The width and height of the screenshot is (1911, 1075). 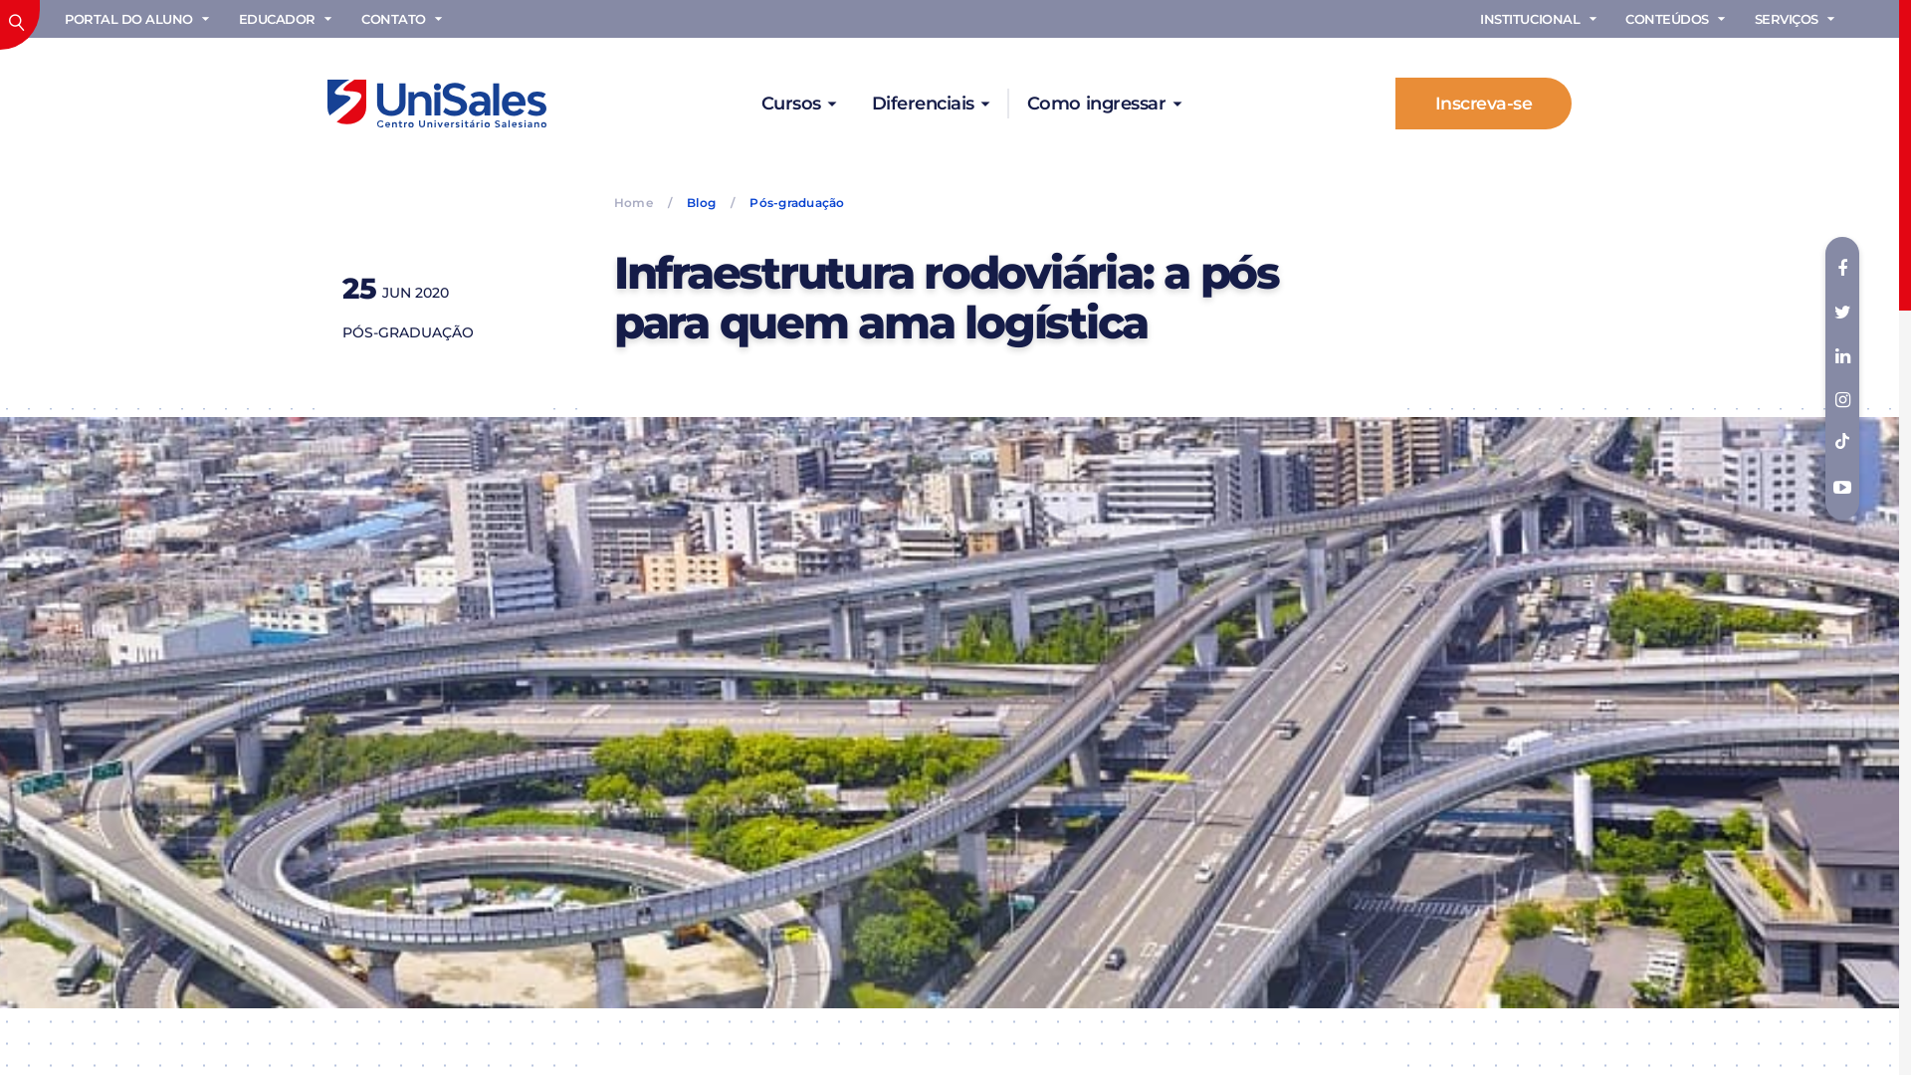 What do you see at coordinates (798, 104) in the screenshot?
I see `'Cursos'` at bounding box center [798, 104].